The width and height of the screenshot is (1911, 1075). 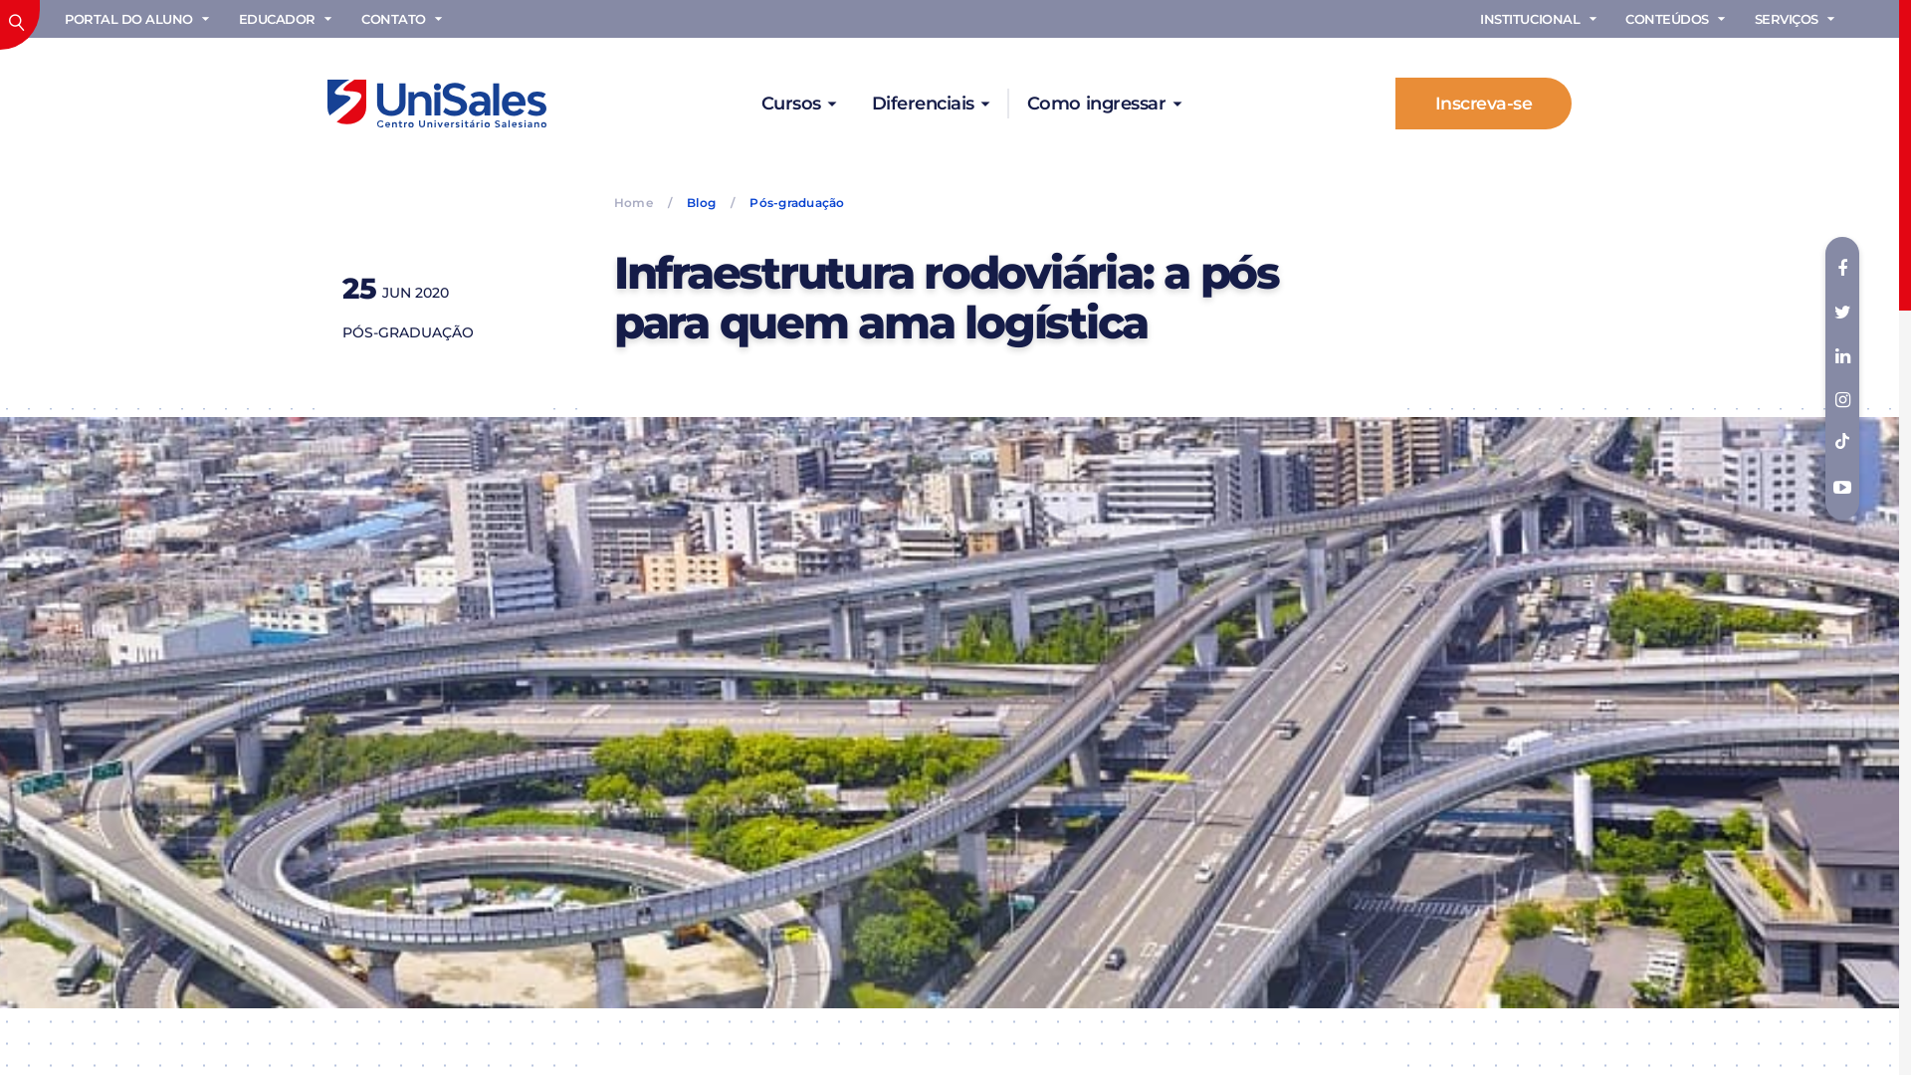 What do you see at coordinates (798, 104) in the screenshot?
I see `'Cursos'` at bounding box center [798, 104].